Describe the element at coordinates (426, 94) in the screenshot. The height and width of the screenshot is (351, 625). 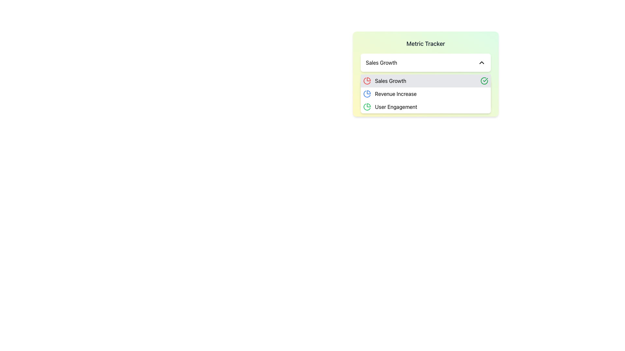
I see `the 'Revenue Increase' dropdown menu item, which is the second option in the dropdown list located under the 'Metric Tracker' title` at that location.